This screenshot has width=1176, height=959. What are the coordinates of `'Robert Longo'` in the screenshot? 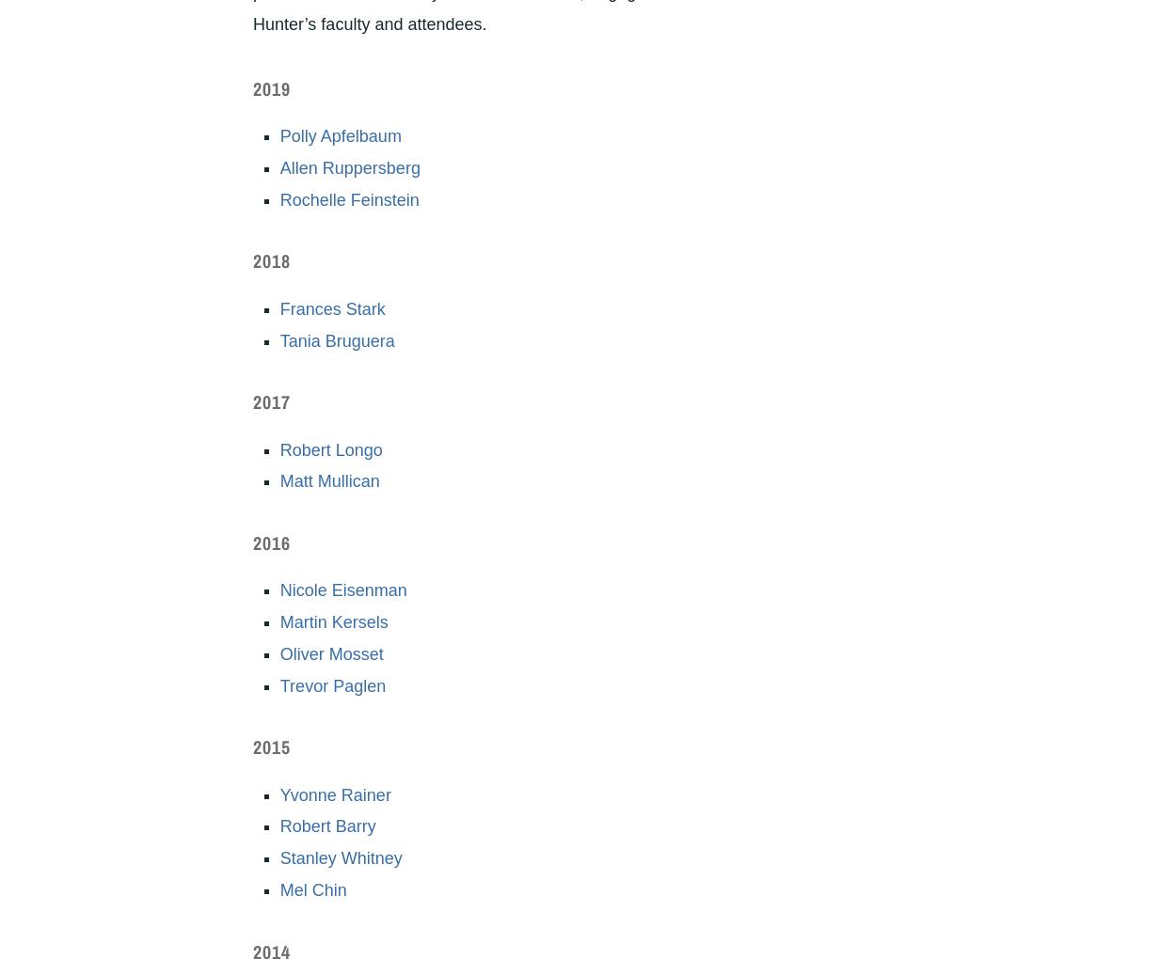 It's located at (329, 448).